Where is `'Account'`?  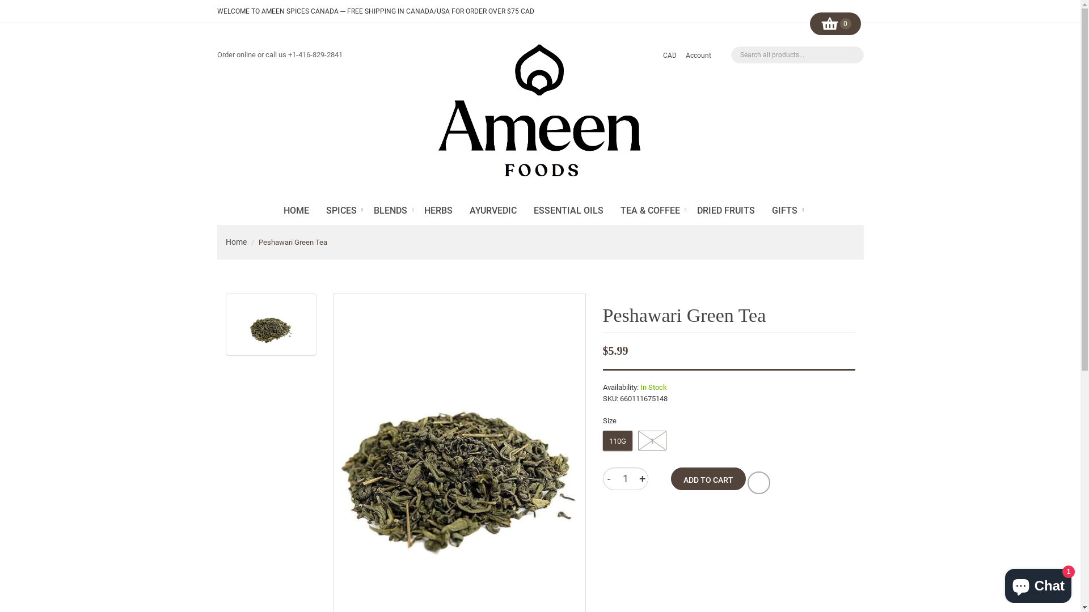 'Account' is located at coordinates (685, 56).